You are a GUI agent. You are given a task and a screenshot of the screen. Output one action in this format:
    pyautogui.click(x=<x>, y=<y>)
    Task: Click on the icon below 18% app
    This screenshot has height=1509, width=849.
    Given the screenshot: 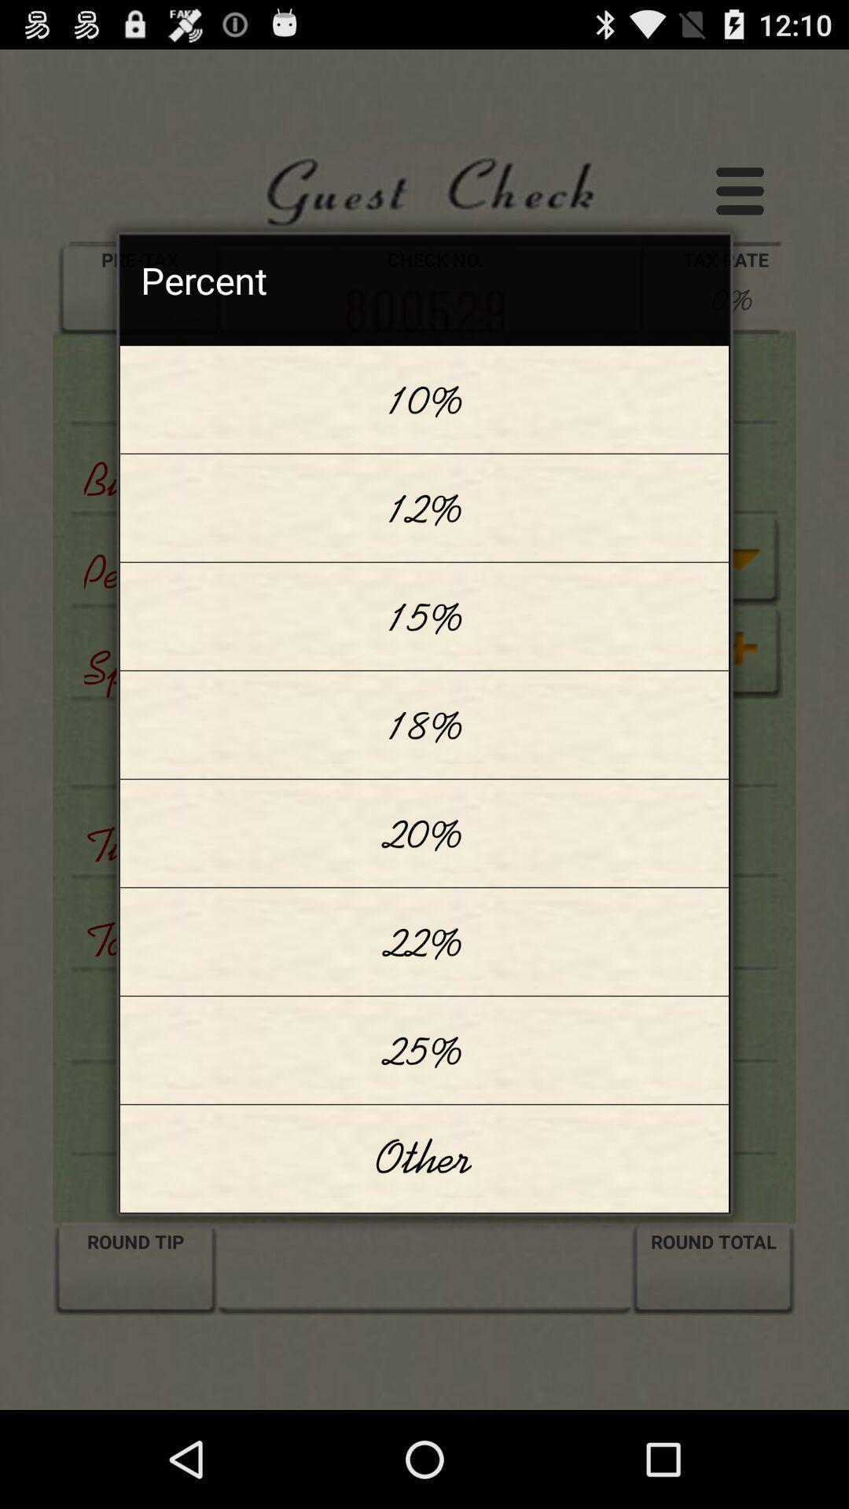 What is the action you would take?
    pyautogui.click(x=424, y=832)
    